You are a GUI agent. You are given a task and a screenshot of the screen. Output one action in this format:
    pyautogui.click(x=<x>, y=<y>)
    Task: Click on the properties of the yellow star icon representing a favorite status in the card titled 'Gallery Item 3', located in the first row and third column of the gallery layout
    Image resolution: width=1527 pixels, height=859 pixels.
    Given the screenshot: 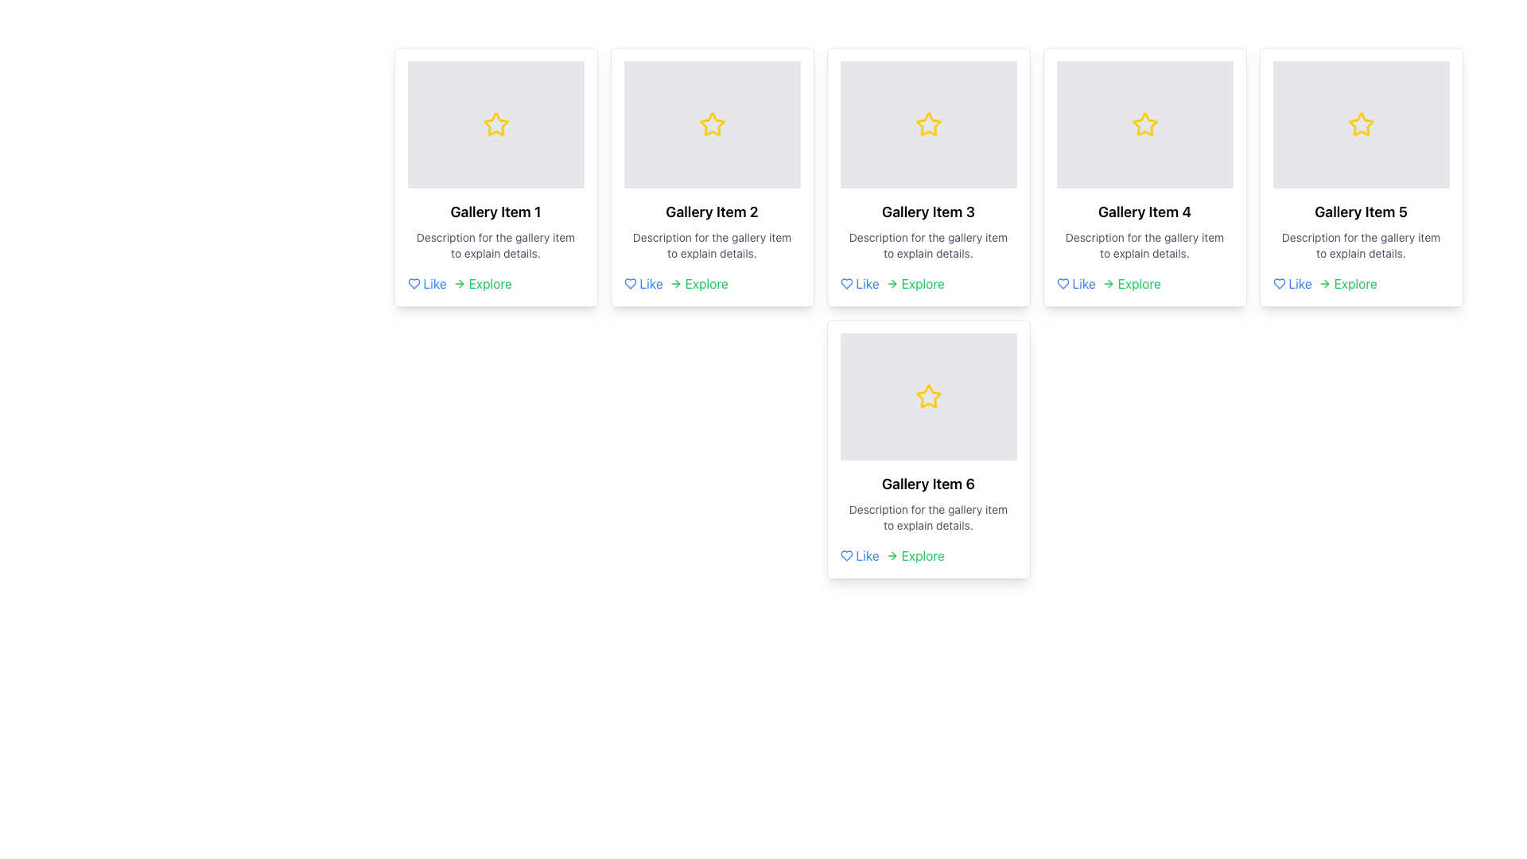 What is the action you would take?
    pyautogui.click(x=928, y=123)
    